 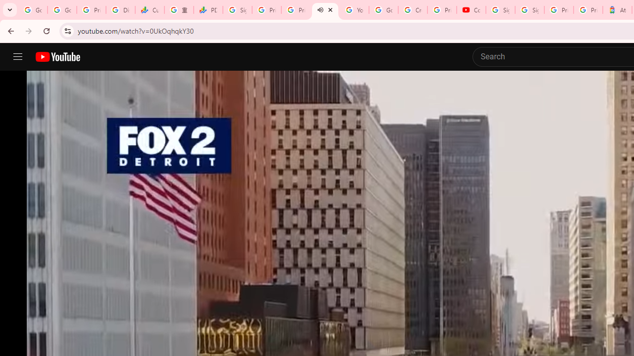 What do you see at coordinates (17, 57) in the screenshot?
I see `'Guide'` at bounding box center [17, 57].